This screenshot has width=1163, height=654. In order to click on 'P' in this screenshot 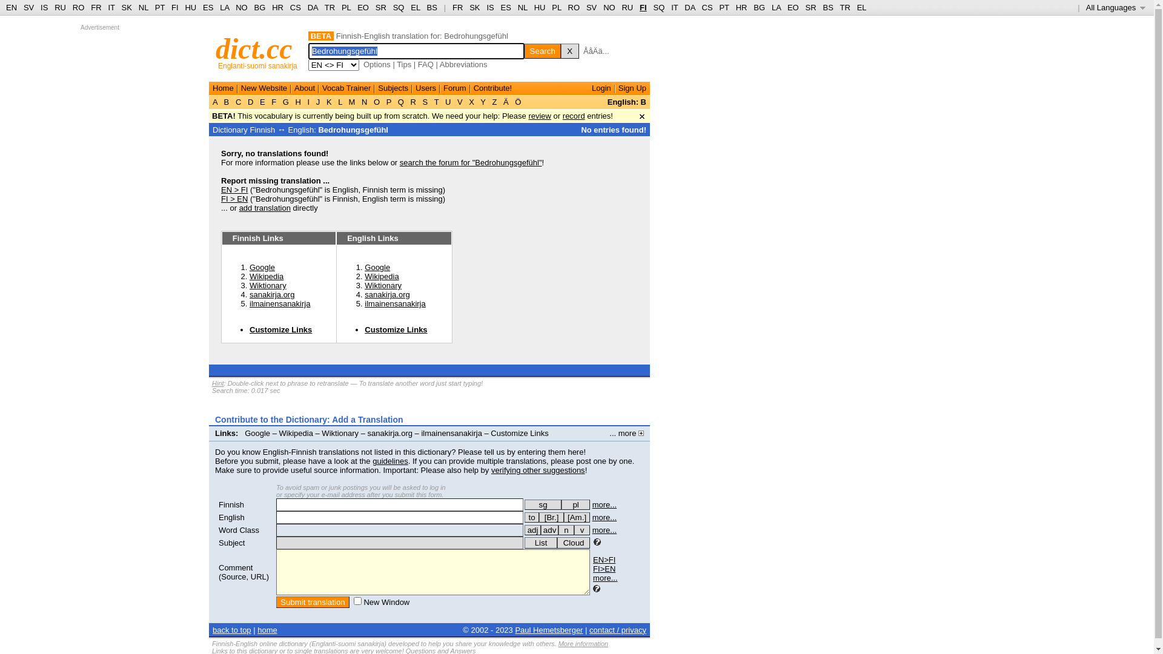, I will do `click(389, 101)`.